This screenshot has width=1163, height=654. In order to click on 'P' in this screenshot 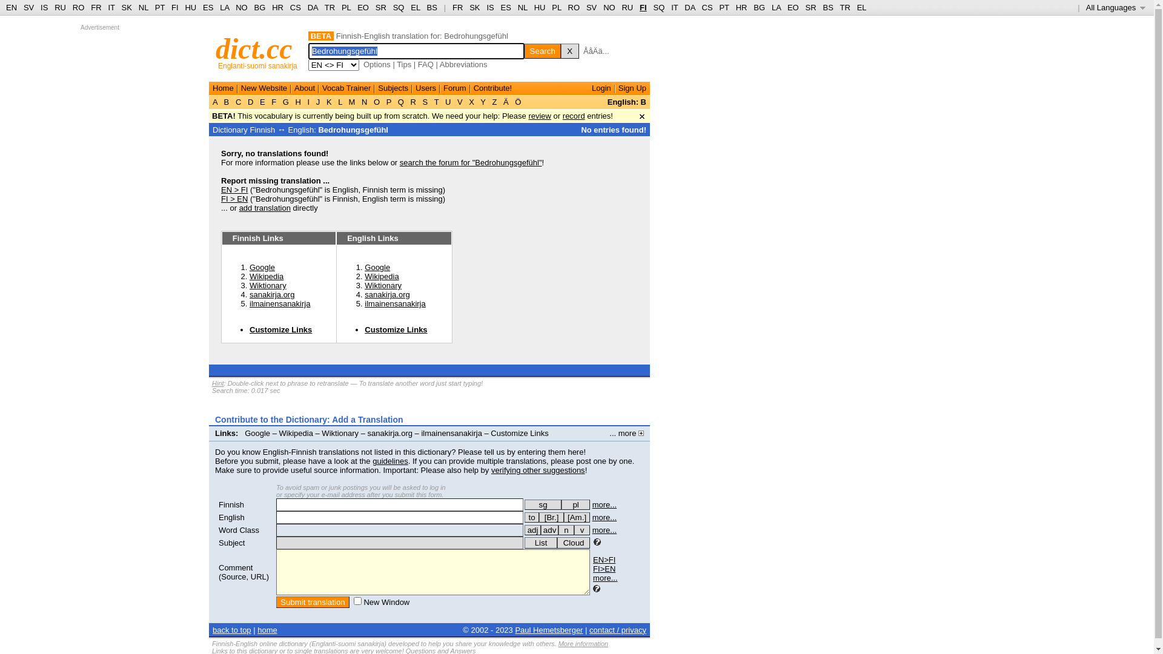, I will do `click(389, 101)`.